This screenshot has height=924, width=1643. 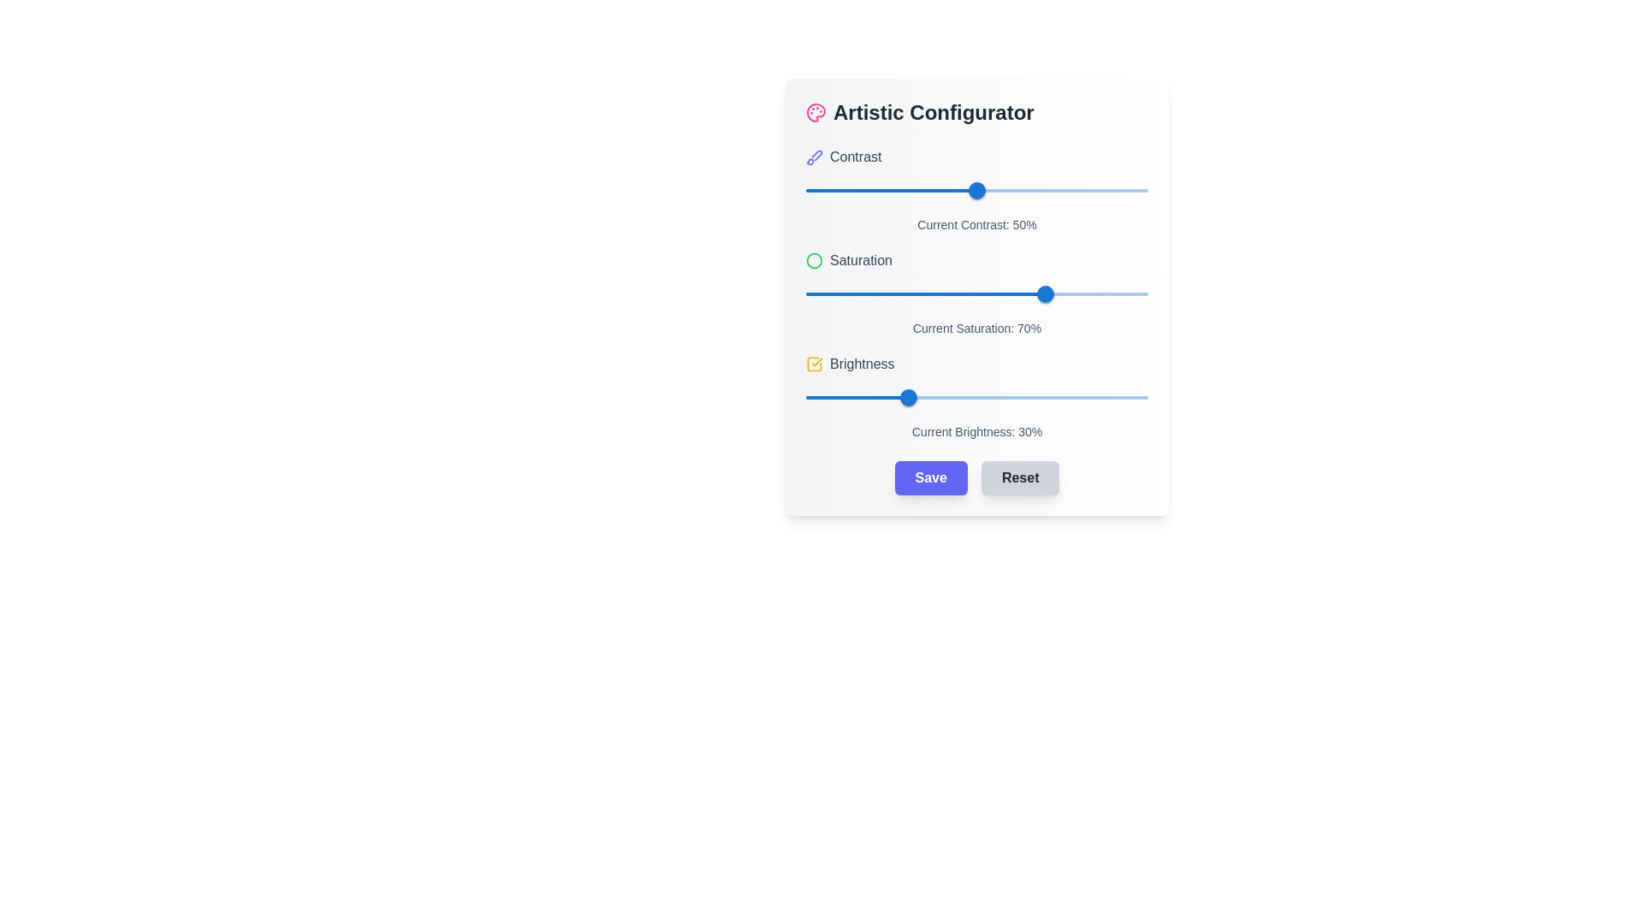 What do you see at coordinates (1047, 293) in the screenshot?
I see `saturation` at bounding box center [1047, 293].